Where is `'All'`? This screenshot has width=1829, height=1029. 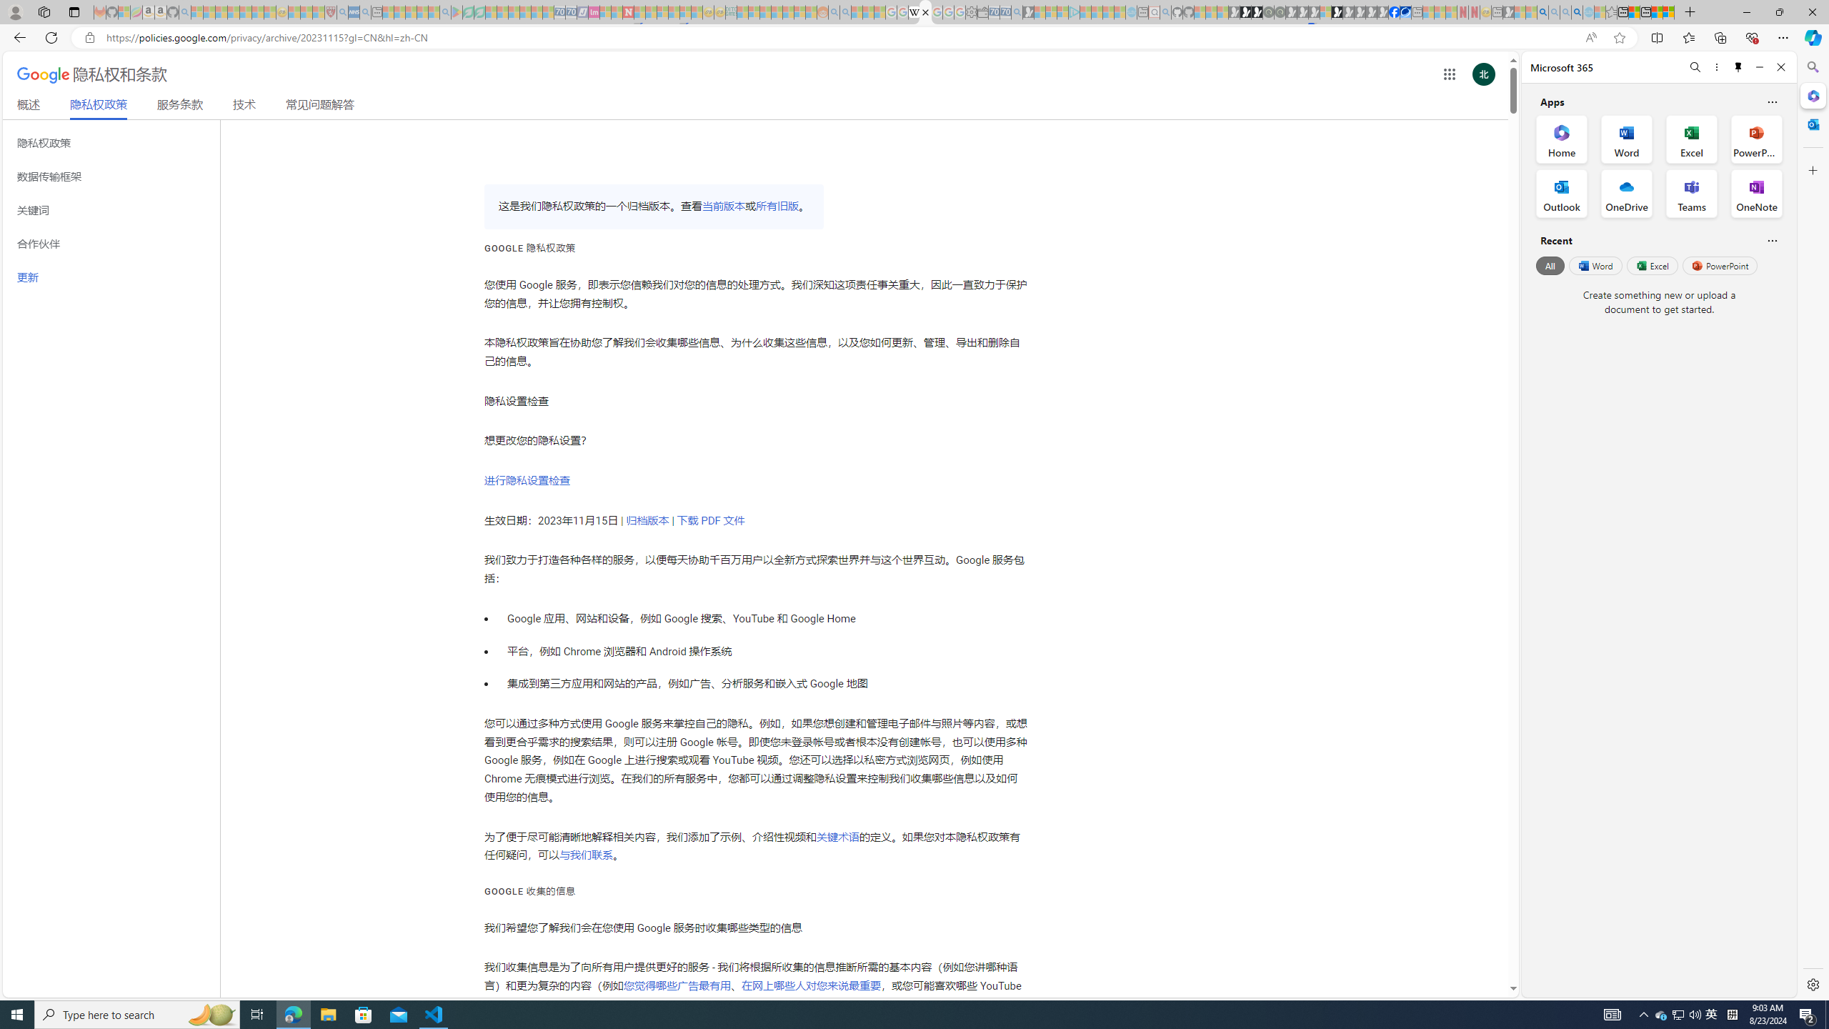
'All' is located at coordinates (1549, 265).